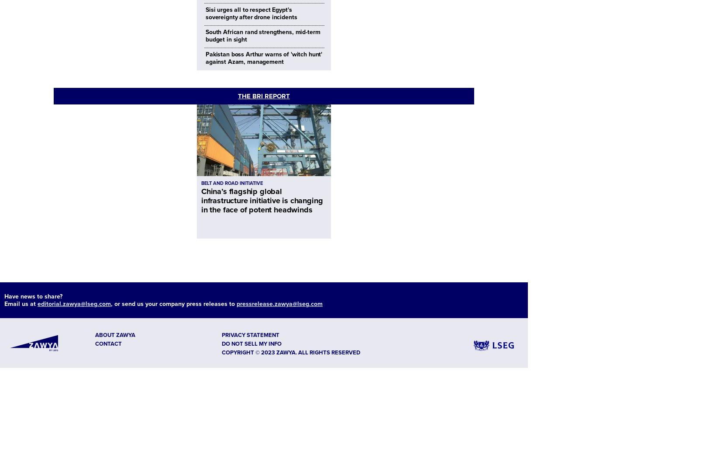  Describe the element at coordinates (74, 303) in the screenshot. I see `'editorial.zawya@lseg.com'` at that location.